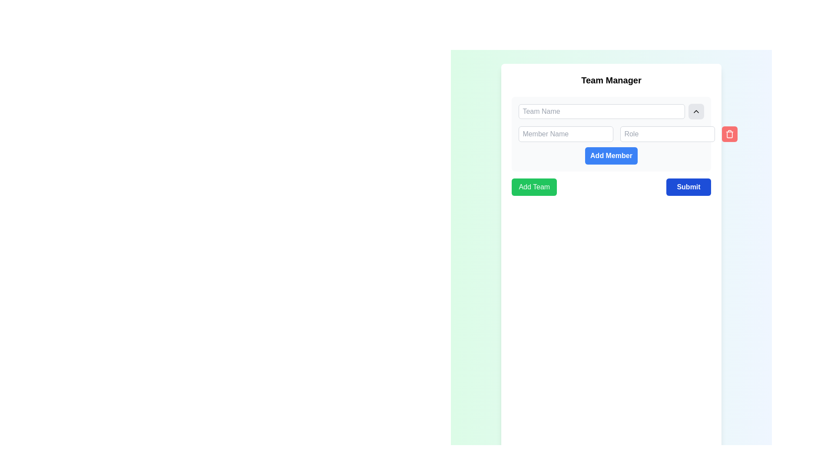  I want to click on the upward-pointing chevron icon, which is inside a small rectangular button located to the right of the 'Team Name' input field, so click(696, 111).